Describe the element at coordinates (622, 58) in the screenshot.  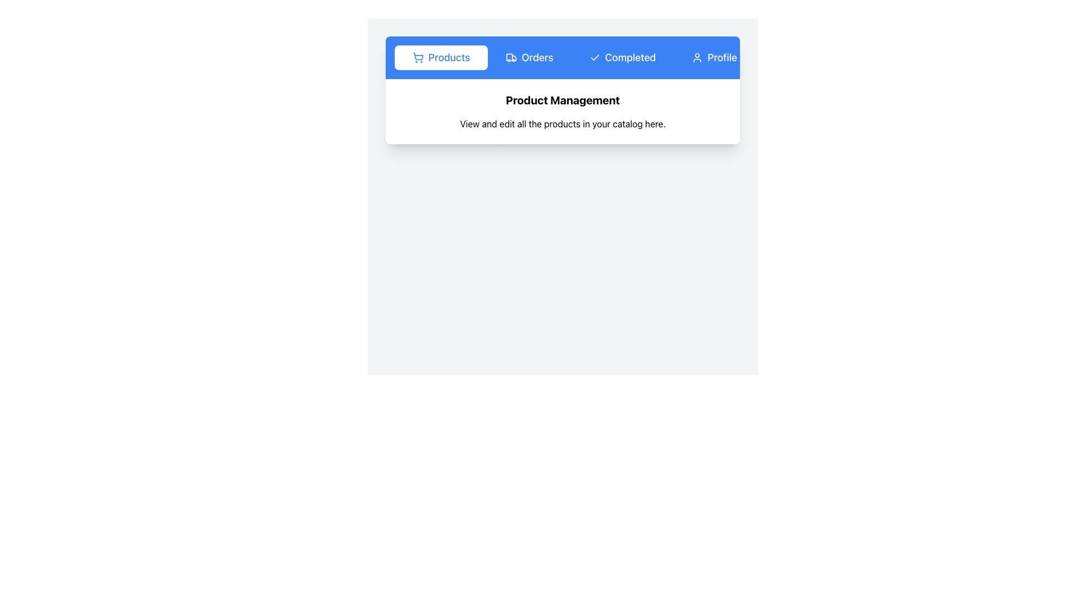
I see `the 'Completed' button, which has a blue background and white text with a checkmark icon, located between the 'Orders' and 'Profile' buttons` at that location.